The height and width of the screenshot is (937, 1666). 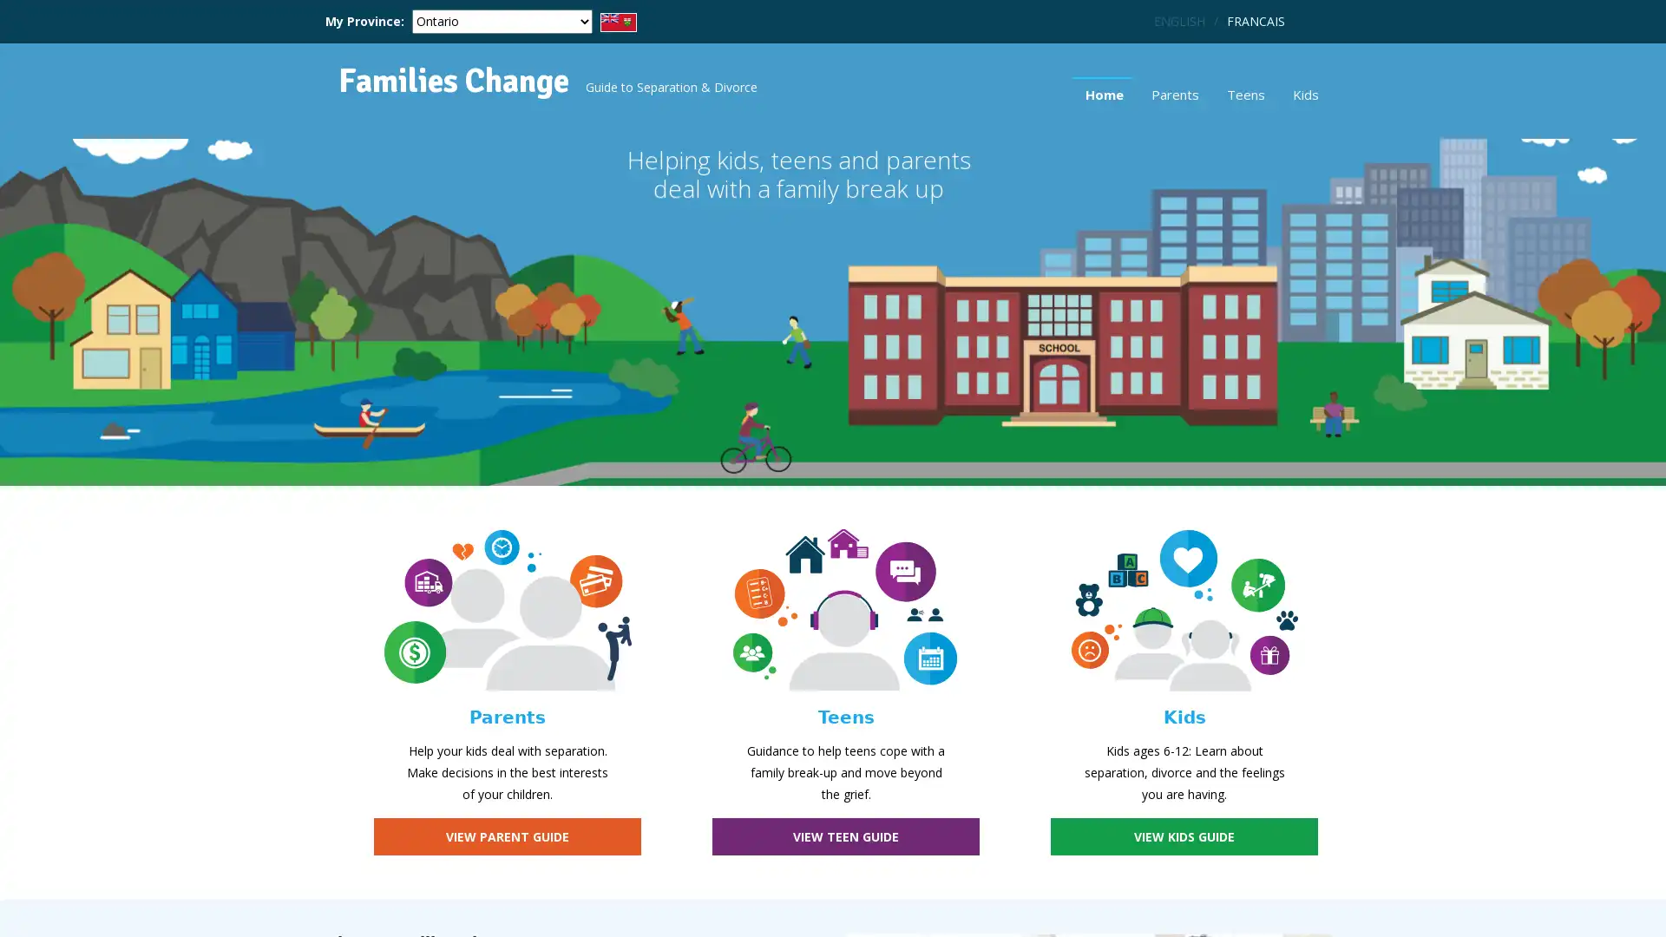 I want to click on VIEW PARENT GUIDE, so click(x=507, y=835).